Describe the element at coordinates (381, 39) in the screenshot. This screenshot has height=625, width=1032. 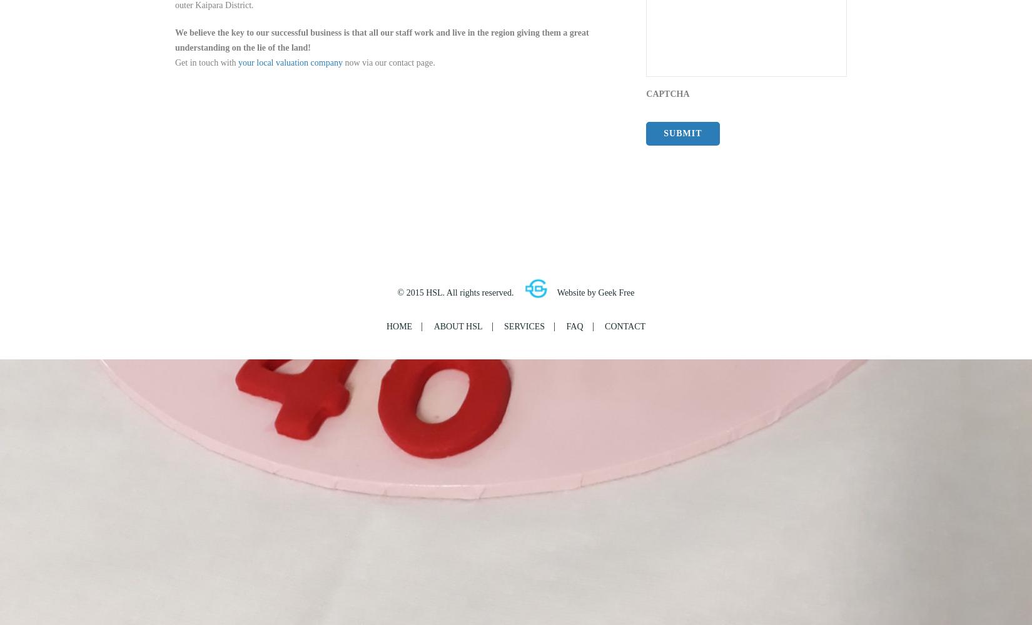
I see `'We believe the key to our successful business is that all our staff work and live in the region giving them a great understanding on the lie of the land!'` at that location.